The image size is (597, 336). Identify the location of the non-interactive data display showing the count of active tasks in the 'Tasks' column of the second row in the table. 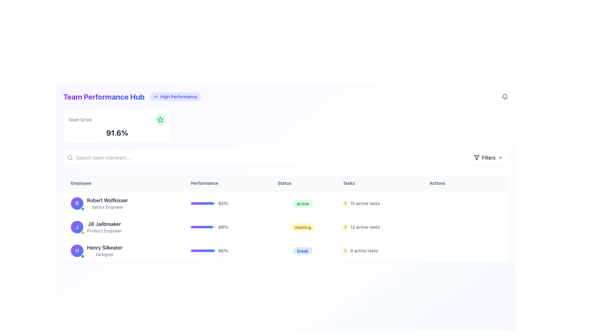
(378, 227).